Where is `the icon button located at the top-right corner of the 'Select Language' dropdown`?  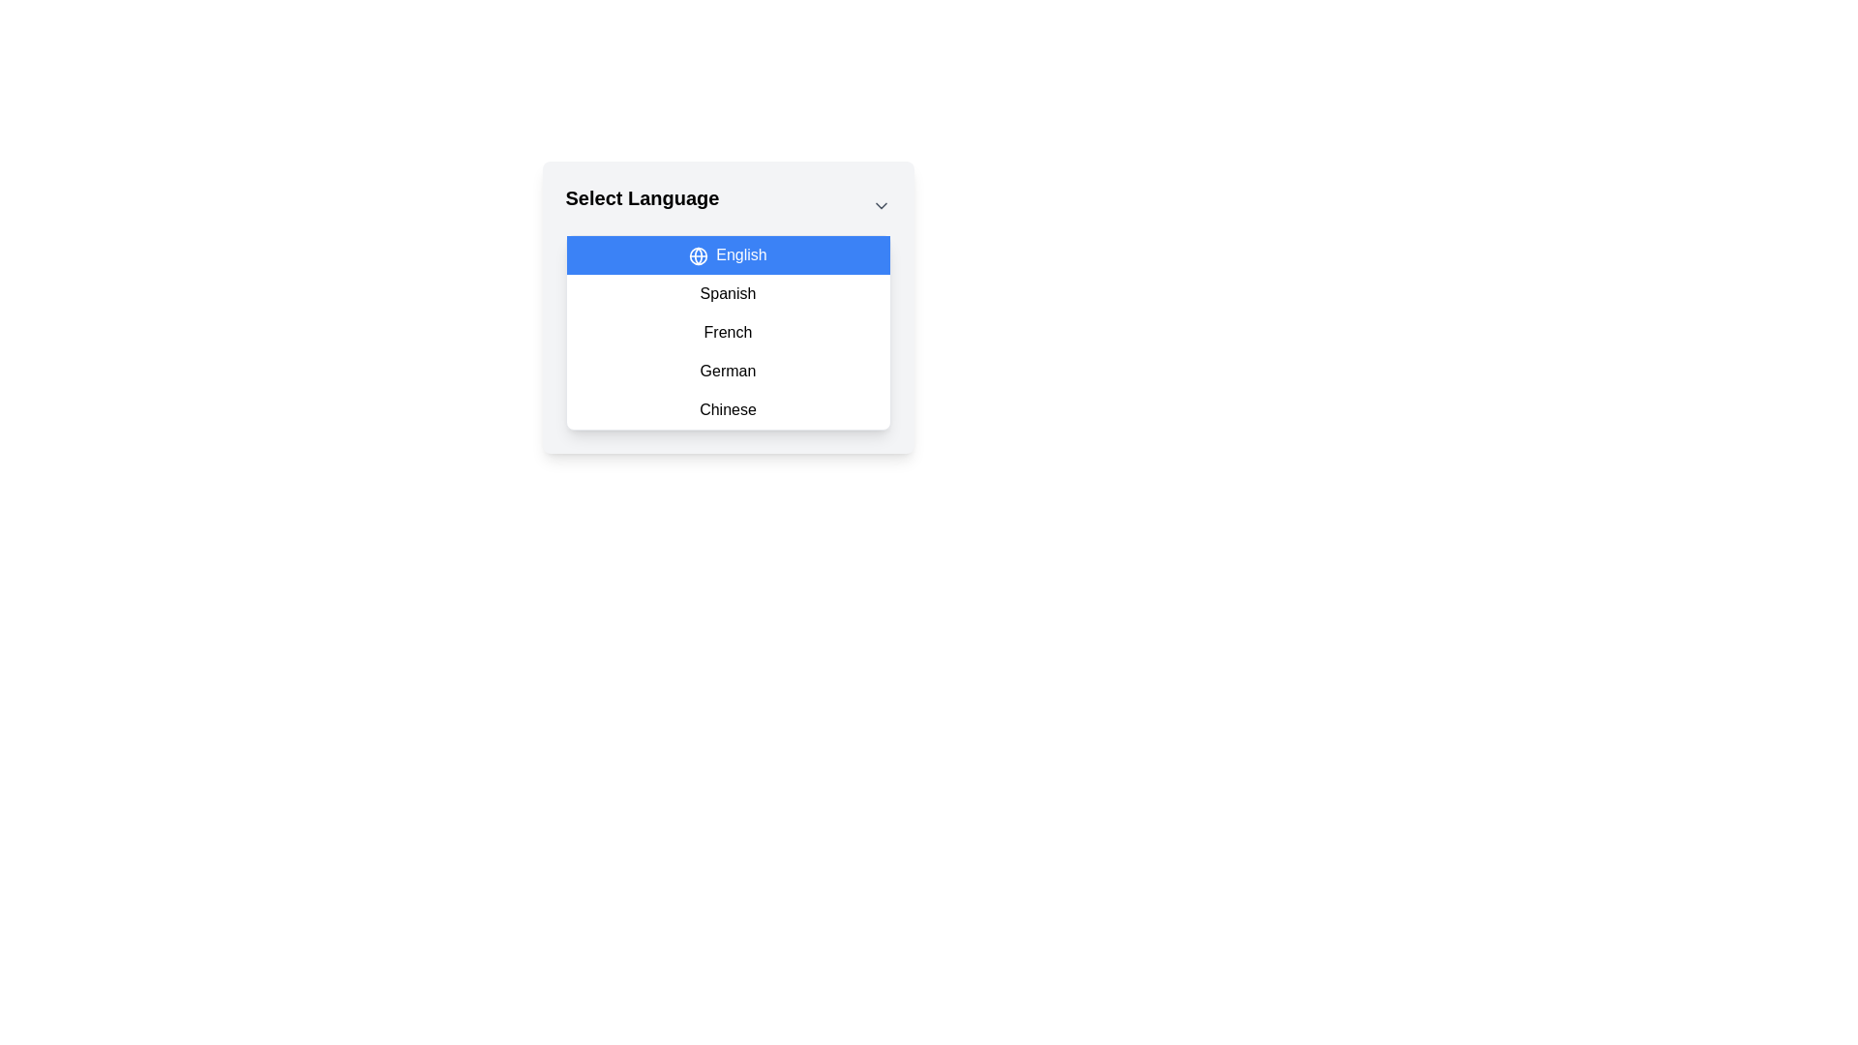 the icon button located at the top-right corner of the 'Select Language' dropdown is located at coordinates (880, 205).